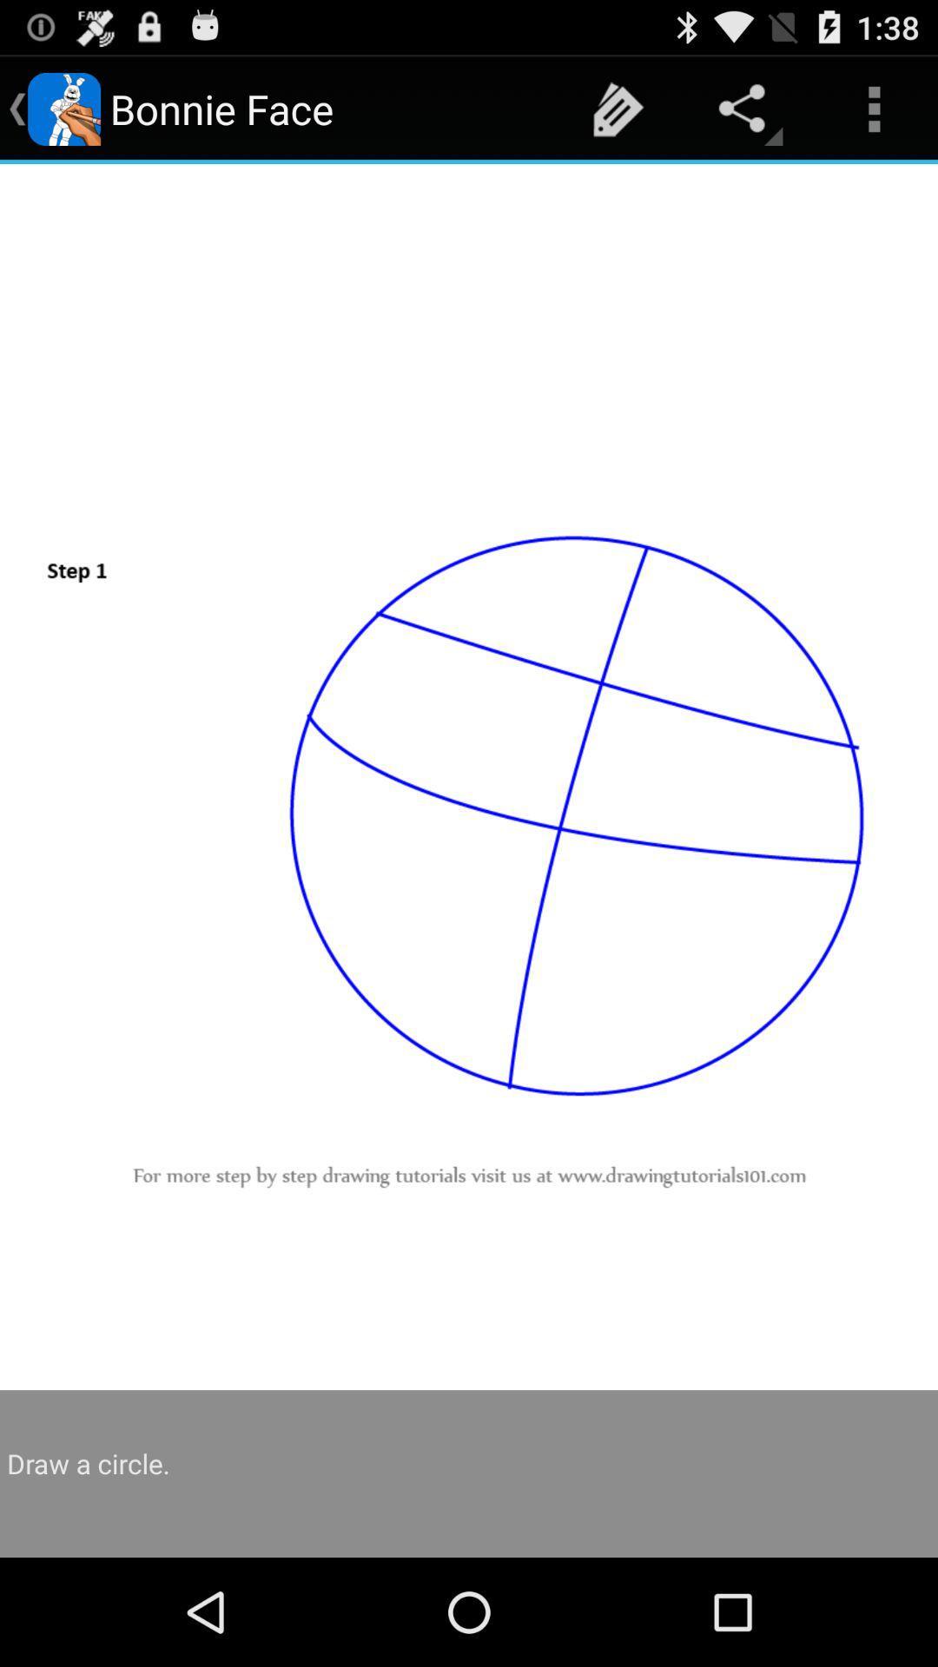  I want to click on app next to bonnie face item, so click(618, 108).